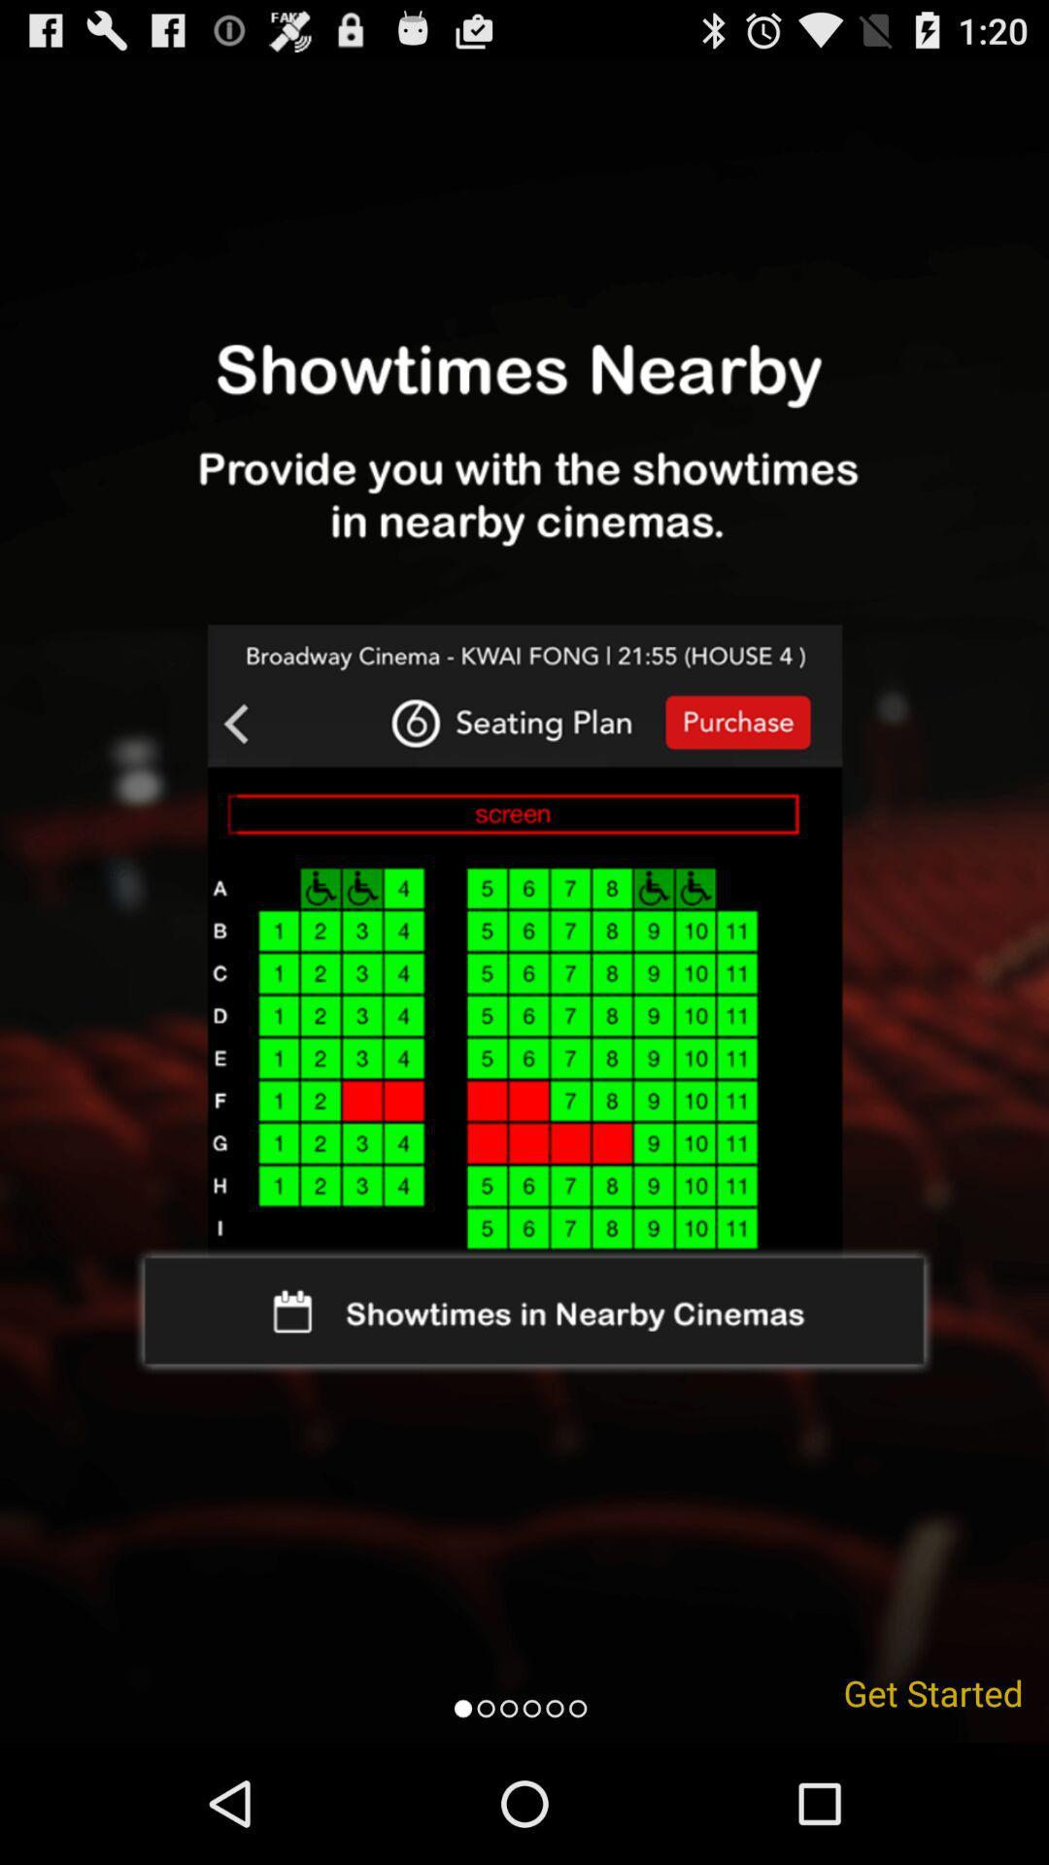 The width and height of the screenshot is (1049, 1865). What do you see at coordinates (932, 1691) in the screenshot?
I see `get started icon` at bounding box center [932, 1691].